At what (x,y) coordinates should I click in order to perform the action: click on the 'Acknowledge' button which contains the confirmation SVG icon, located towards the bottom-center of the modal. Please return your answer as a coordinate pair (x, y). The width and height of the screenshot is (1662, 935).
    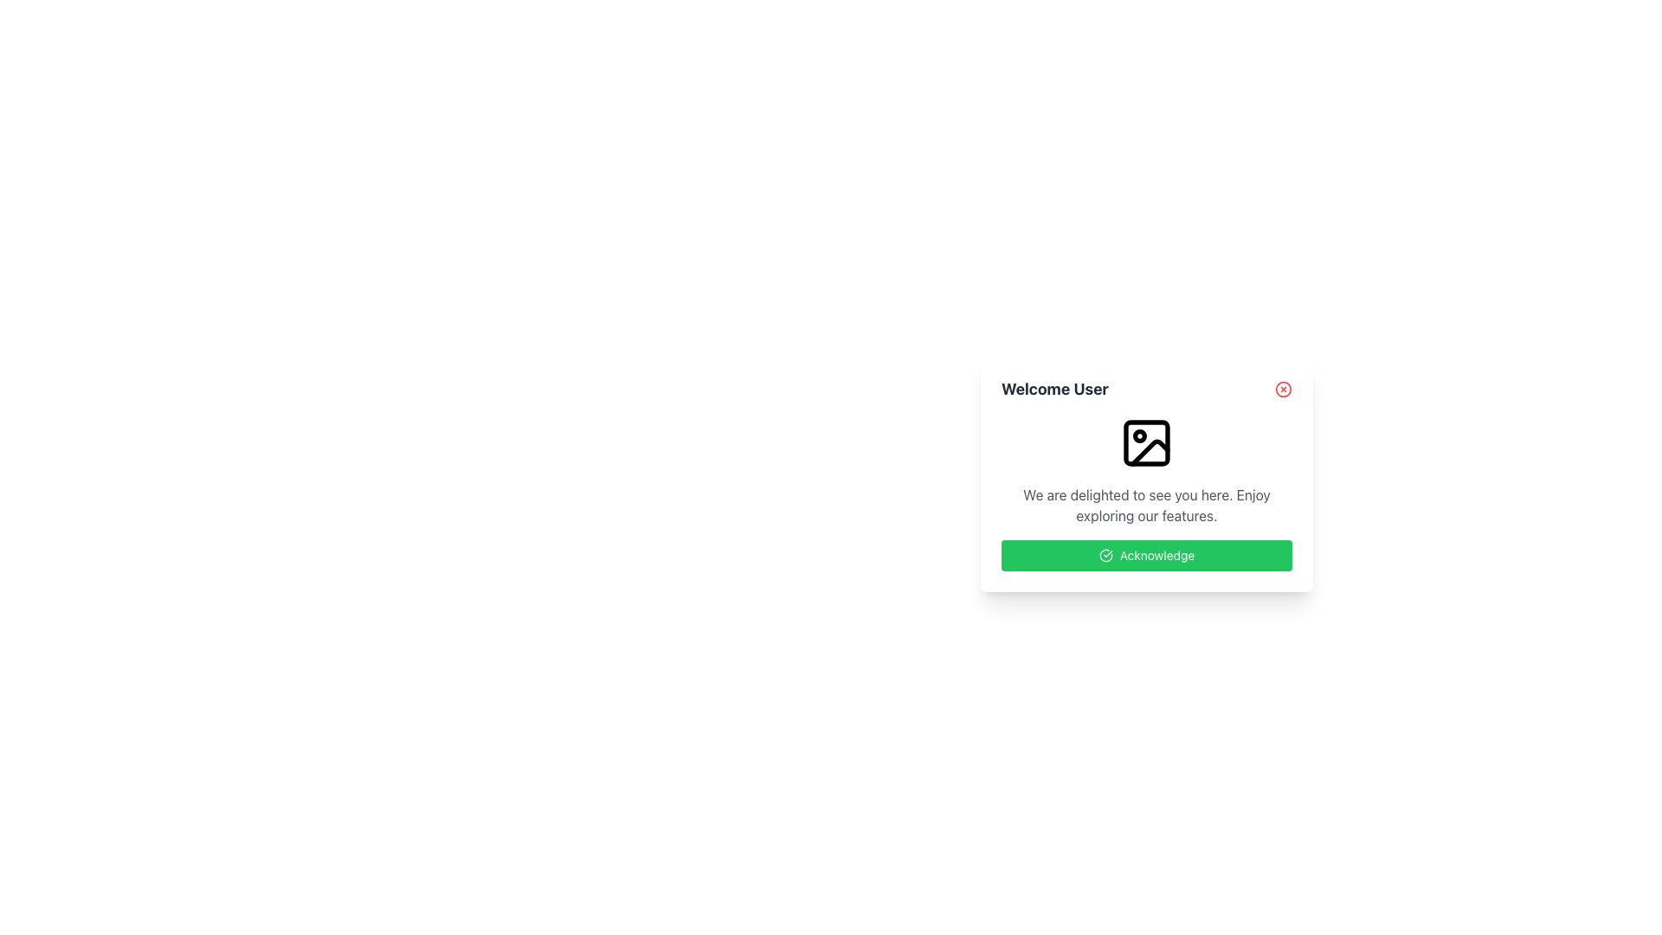
    Looking at the image, I should click on (1105, 555).